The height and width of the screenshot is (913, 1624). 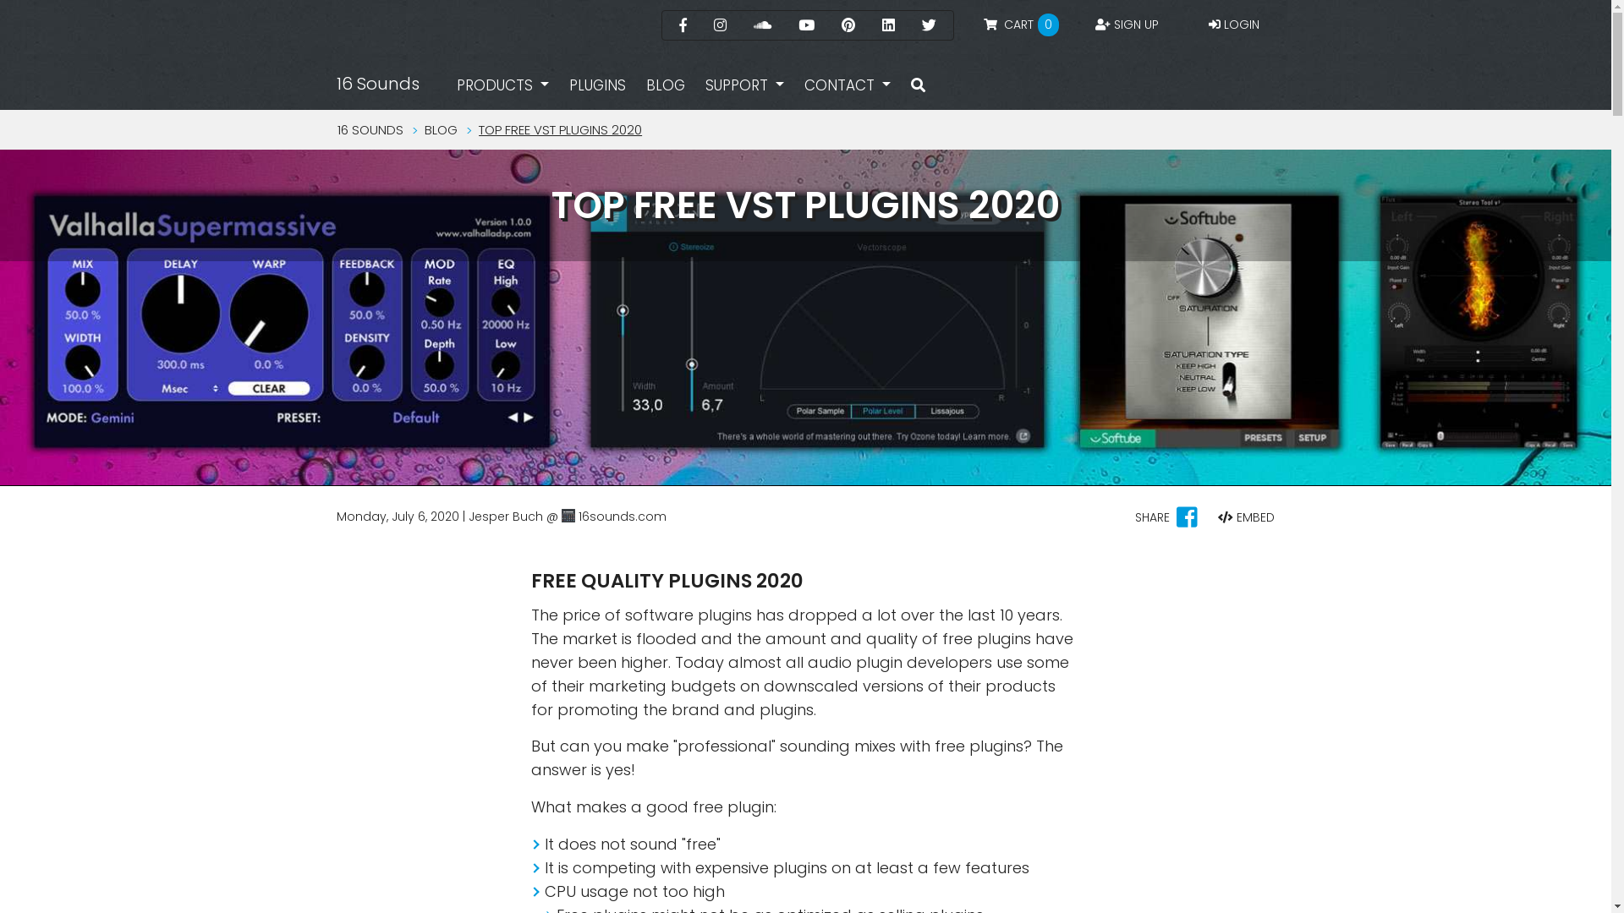 What do you see at coordinates (720, 25) in the screenshot?
I see `'Instagram'` at bounding box center [720, 25].